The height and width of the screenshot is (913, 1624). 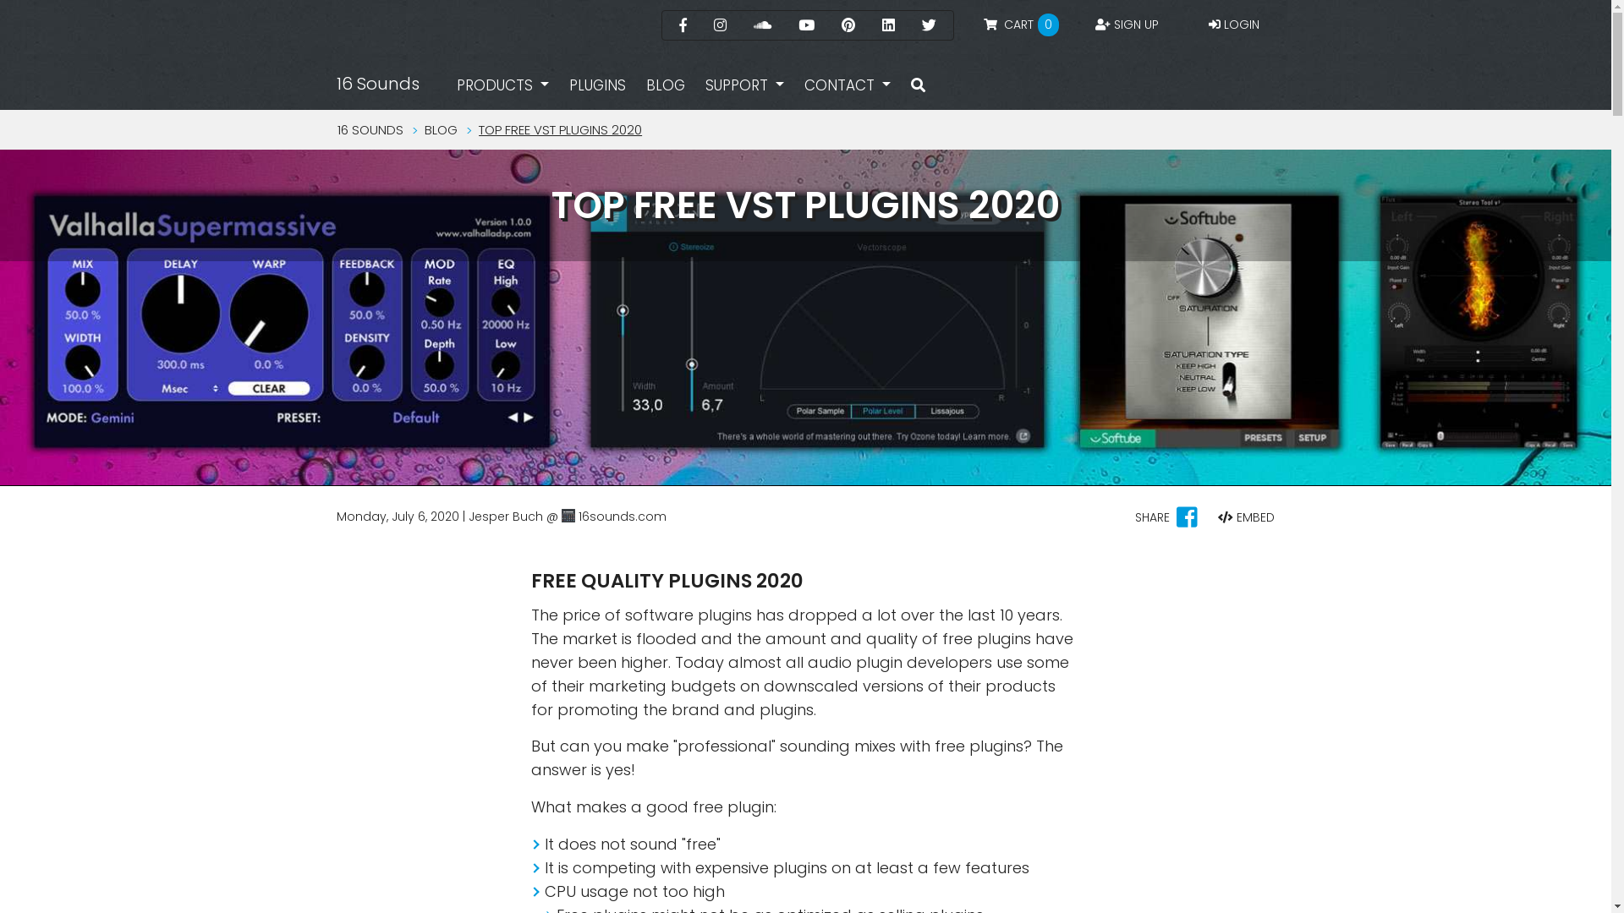 What do you see at coordinates (720, 25) in the screenshot?
I see `'Instagram'` at bounding box center [720, 25].